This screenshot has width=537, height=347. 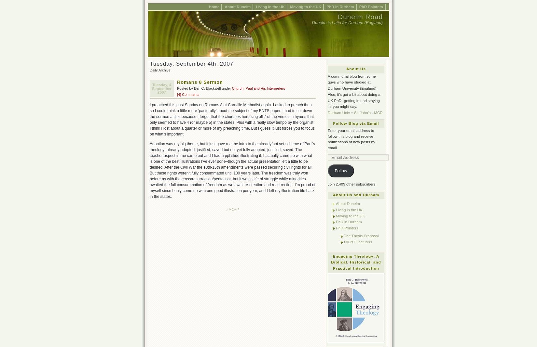 I want to click on '-', so click(x=372, y=112).